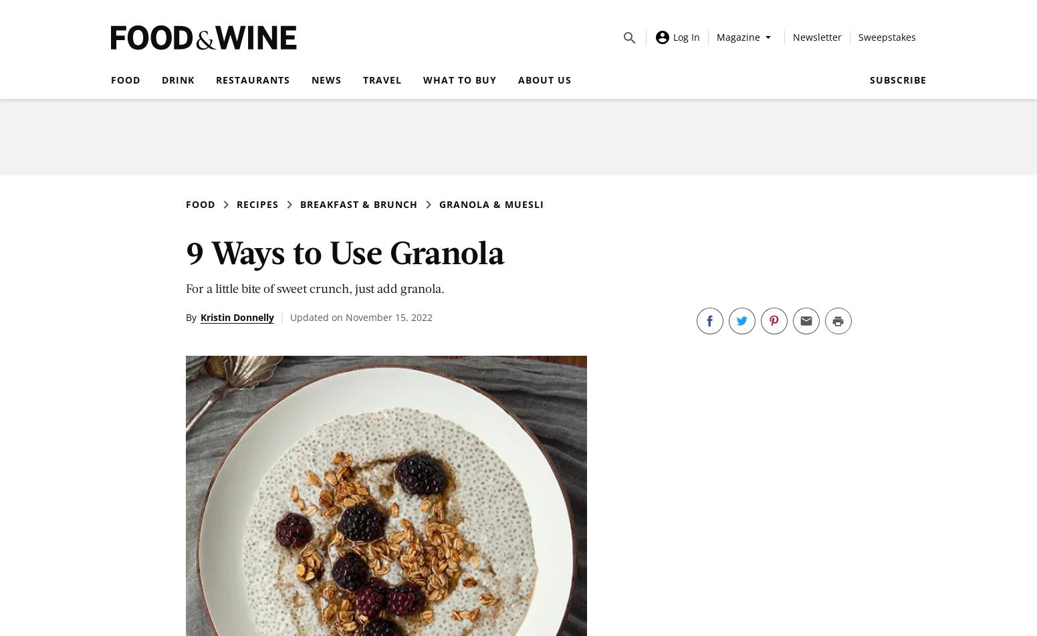  Describe the element at coordinates (816, 36) in the screenshot. I see `'Newsletter'` at that location.